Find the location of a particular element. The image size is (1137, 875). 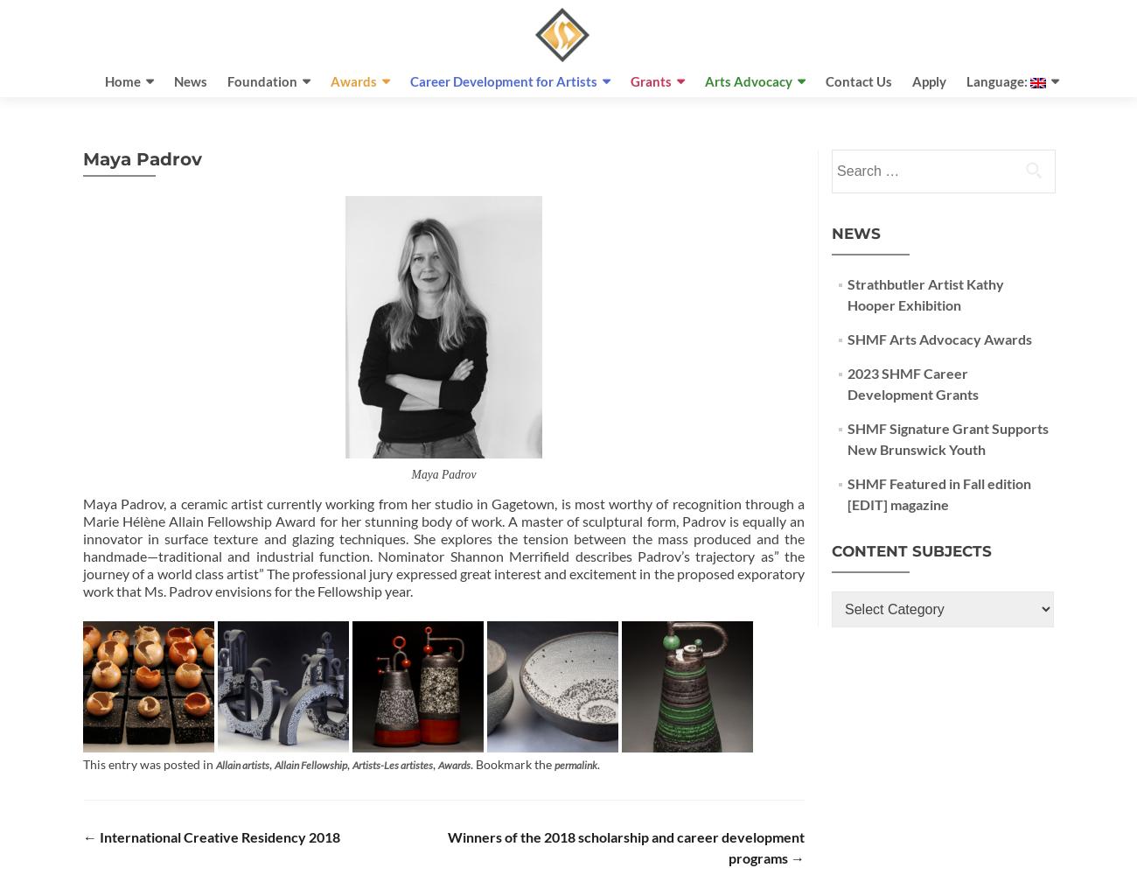

'SHMF Signature Grant Supports New Brunswick Youth' is located at coordinates (947, 438).